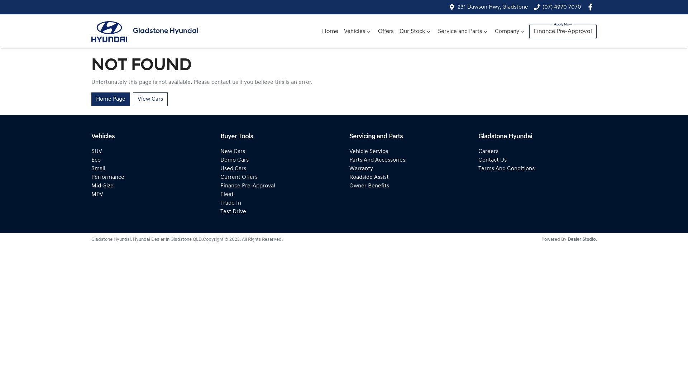  What do you see at coordinates (220, 160) in the screenshot?
I see `'Demo Cars'` at bounding box center [220, 160].